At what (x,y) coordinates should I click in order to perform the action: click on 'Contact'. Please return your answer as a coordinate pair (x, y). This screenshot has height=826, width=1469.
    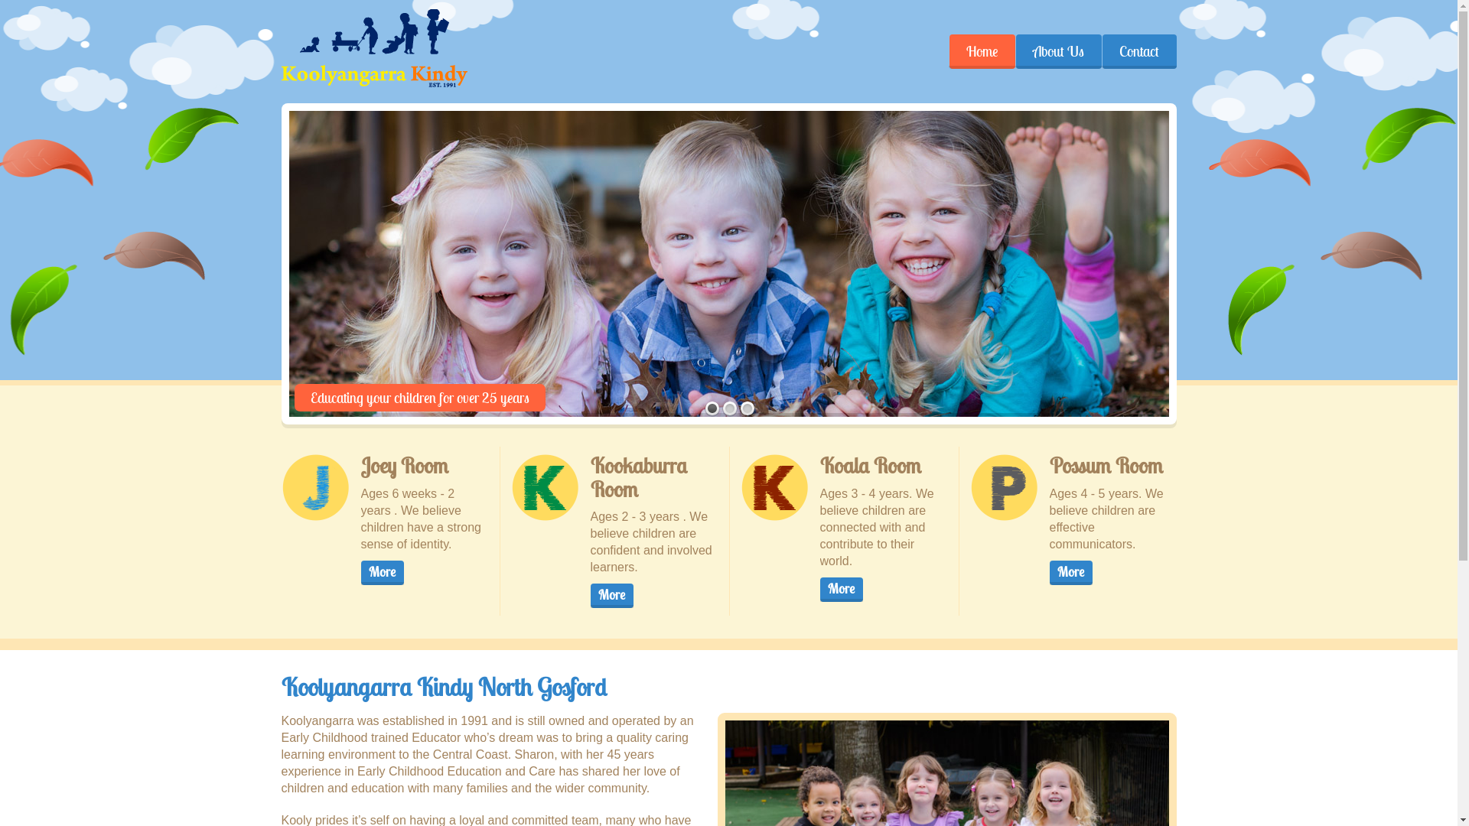
    Looking at the image, I should click on (1102, 50).